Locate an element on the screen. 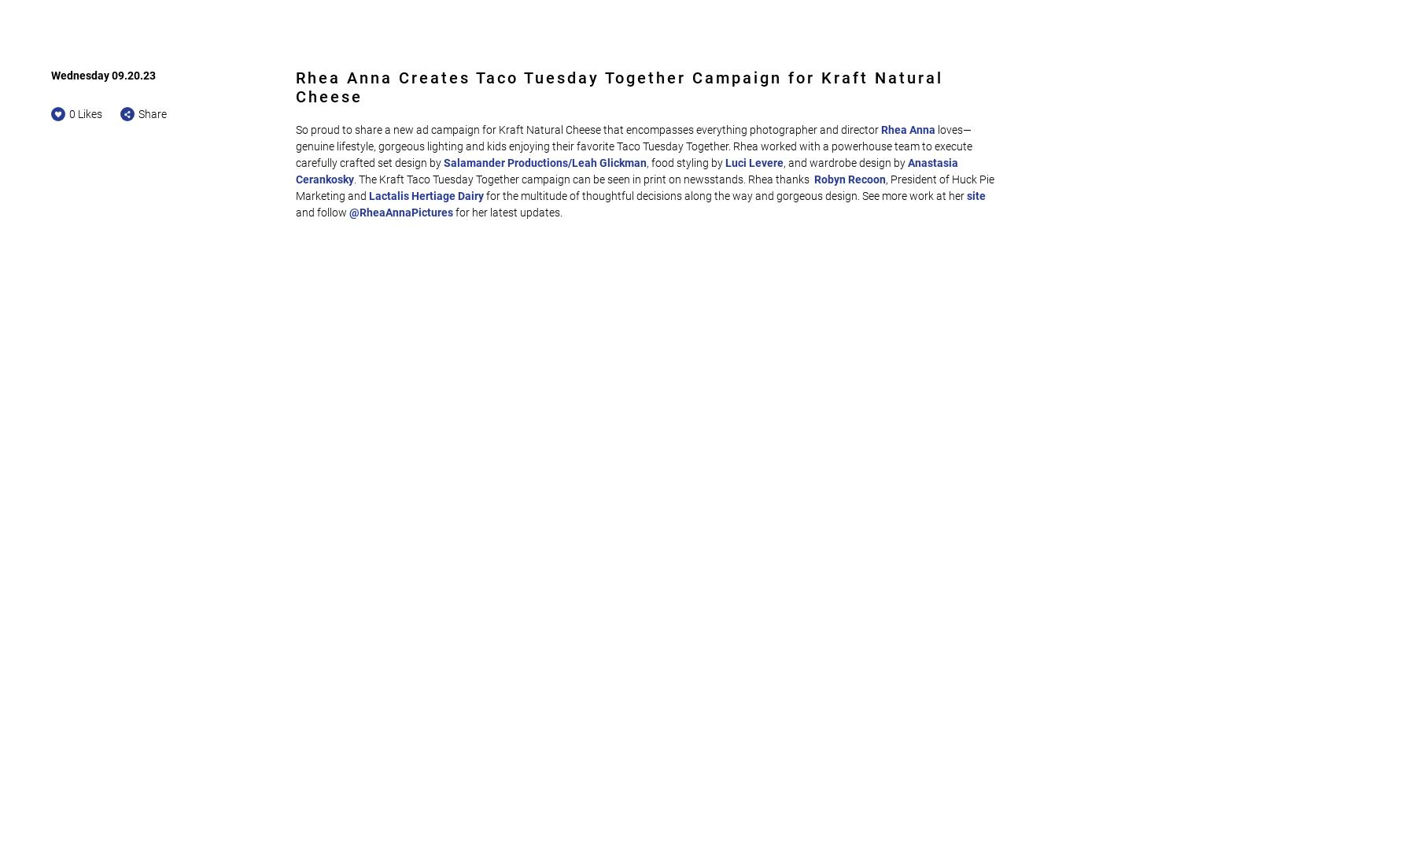 Image resolution: width=1420 pixels, height=847 pixels. 'for her latest updates.' is located at coordinates (507, 212).